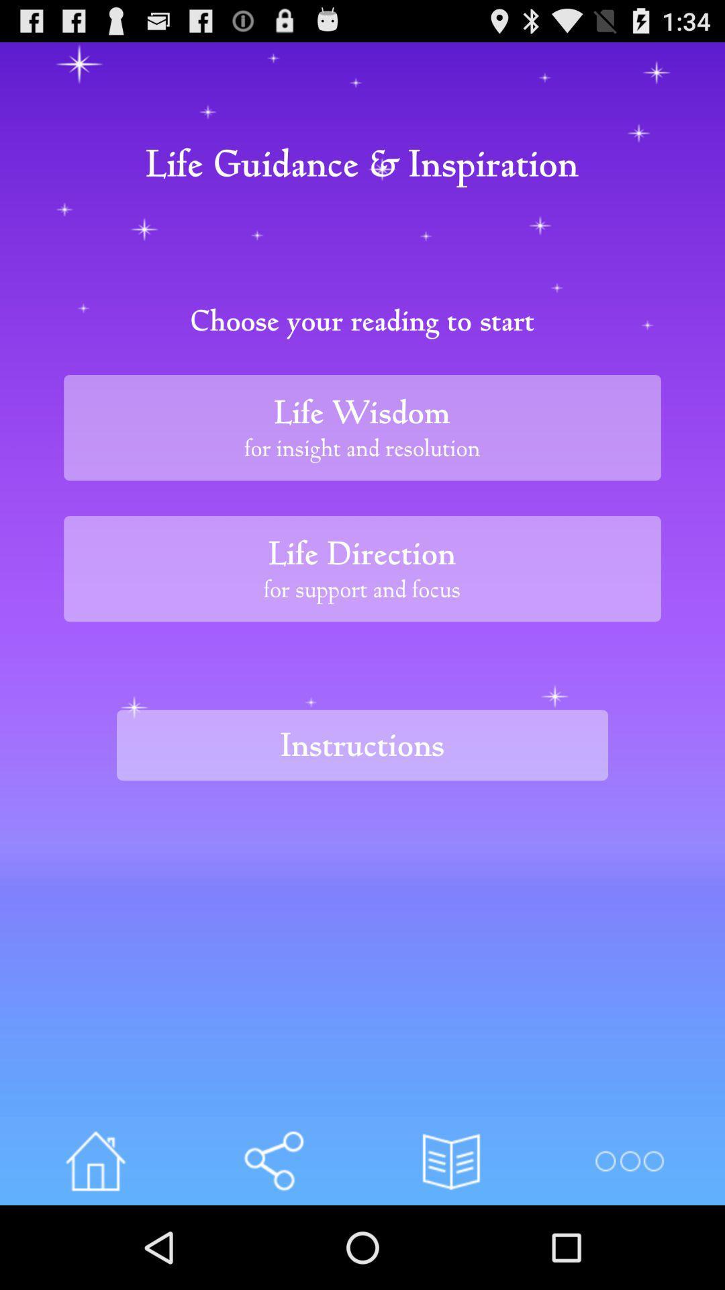 The width and height of the screenshot is (725, 1290). What do you see at coordinates (95, 1160) in the screenshot?
I see `your home page` at bounding box center [95, 1160].